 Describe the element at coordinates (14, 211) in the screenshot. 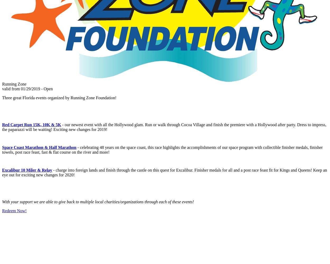

I see `'Redeem Now!'` at that location.